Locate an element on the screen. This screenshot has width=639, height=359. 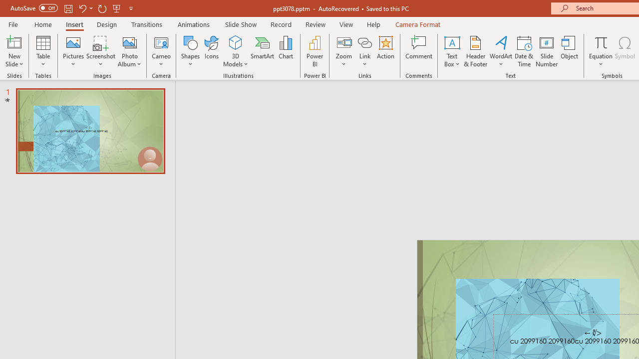
'Icons' is located at coordinates (211, 51).